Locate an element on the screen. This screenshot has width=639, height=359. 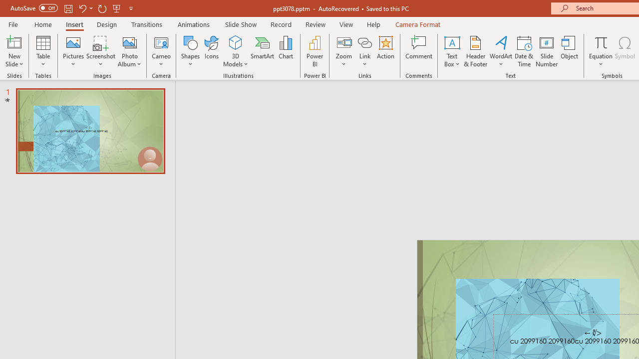
'Icons' is located at coordinates (211, 51).